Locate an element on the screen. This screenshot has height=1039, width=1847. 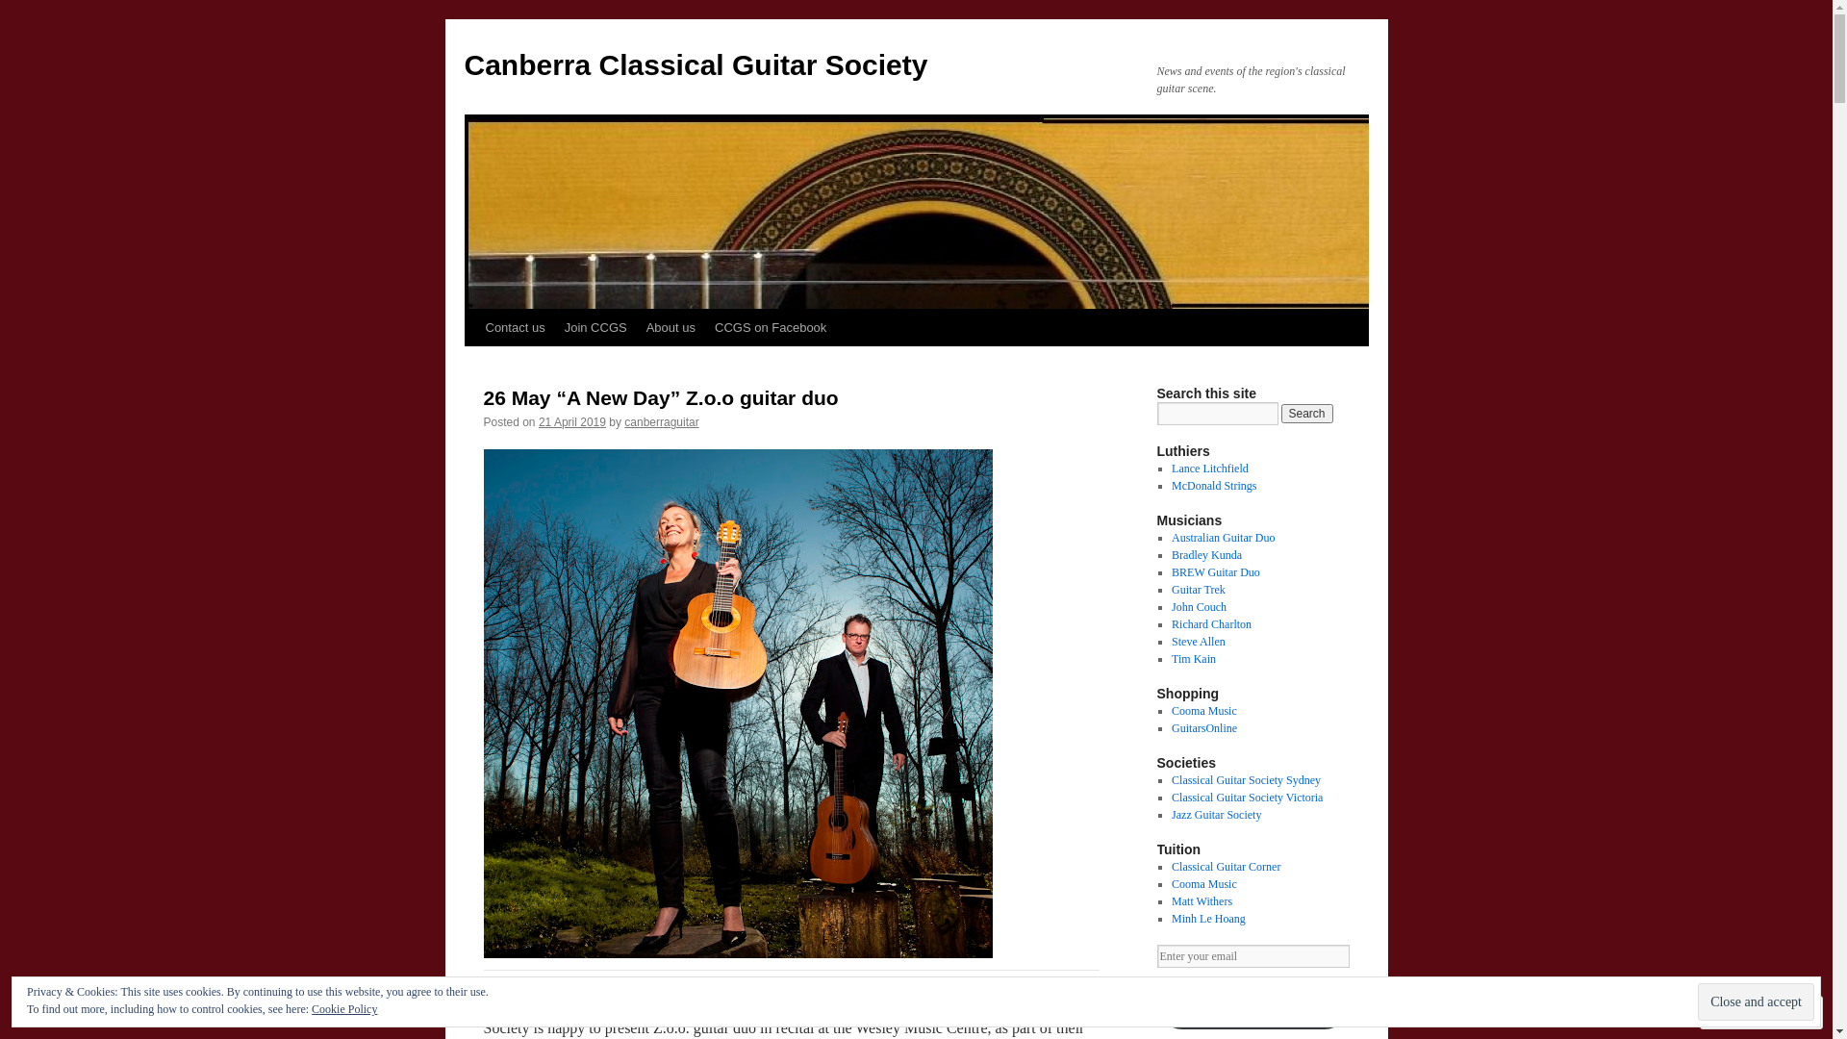
'canberraguitar' is located at coordinates (661, 421).